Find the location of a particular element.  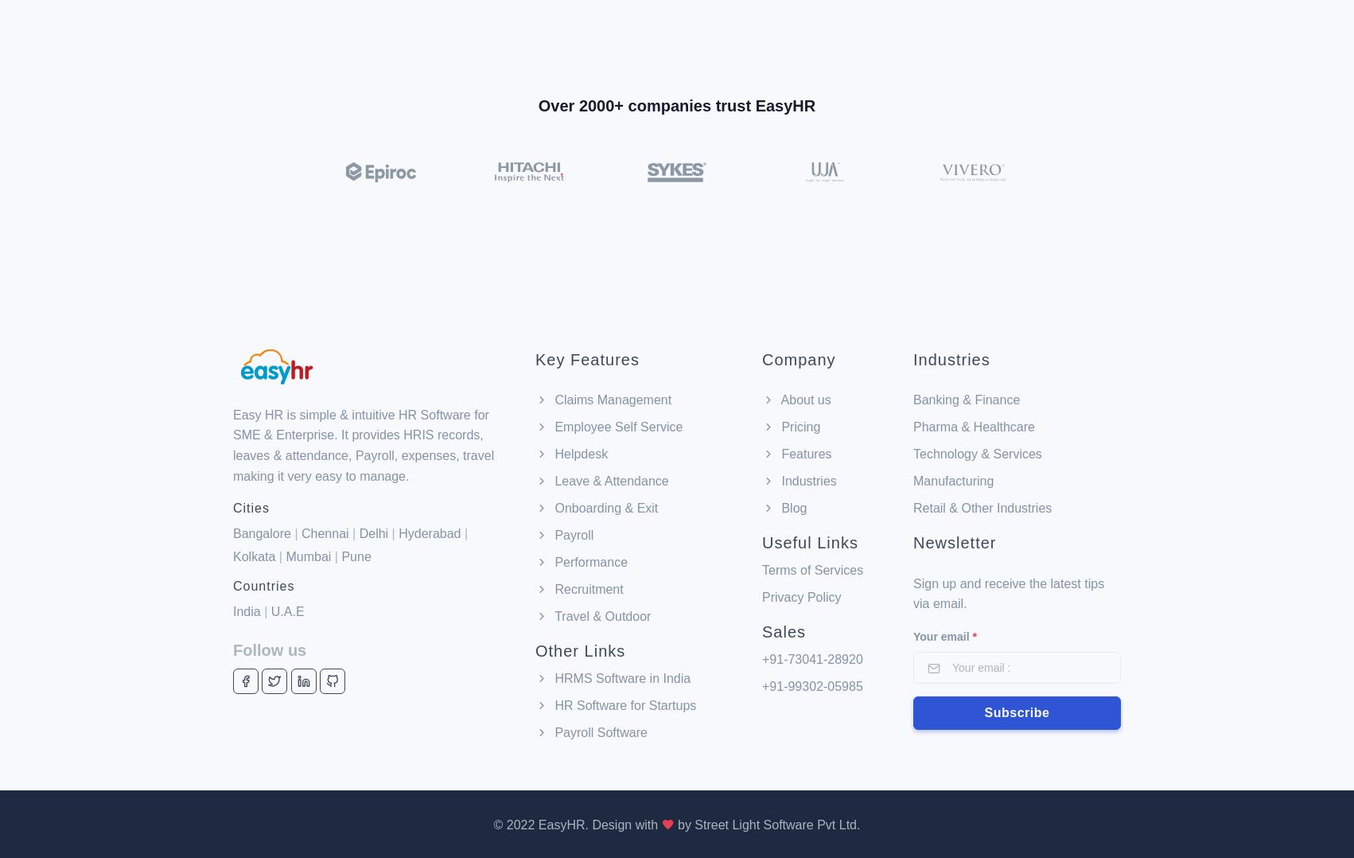

'Helpdesk' is located at coordinates (578, 369).